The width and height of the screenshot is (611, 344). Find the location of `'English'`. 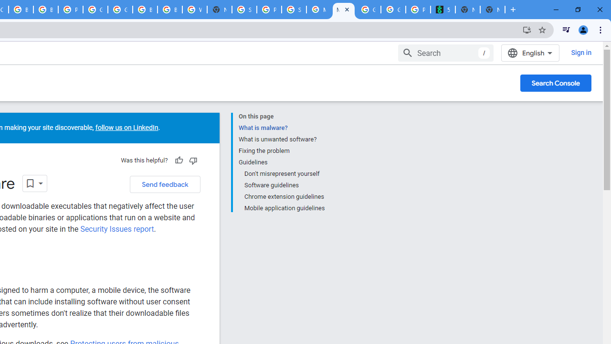

'English' is located at coordinates (530, 53).